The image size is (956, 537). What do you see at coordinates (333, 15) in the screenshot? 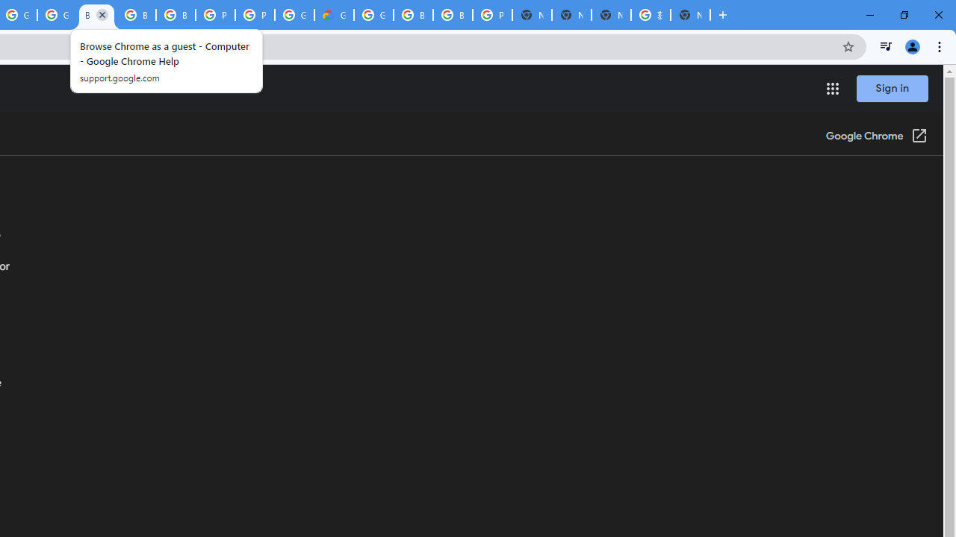
I see `'Google Cloud Estimate Summary'` at bounding box center [333, 15].